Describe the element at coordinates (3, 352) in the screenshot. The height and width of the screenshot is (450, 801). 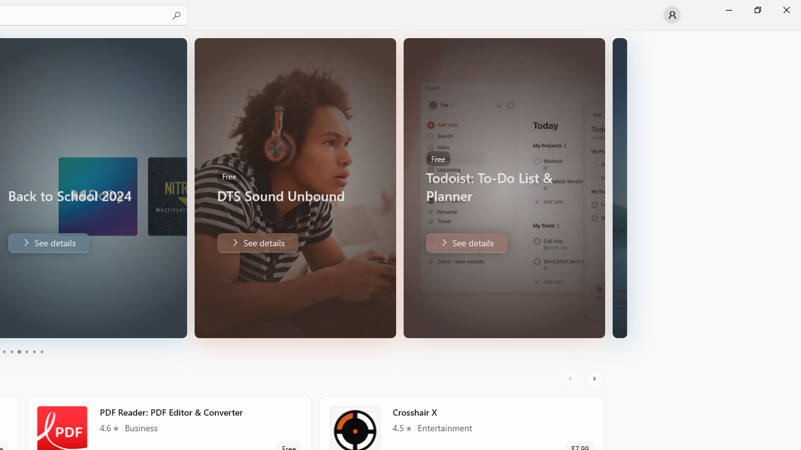
I see `'Page 1'` at that location.